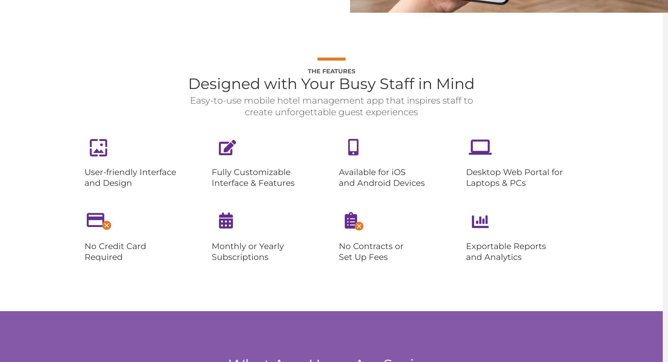 The height and width of the screenshot is (362, 668). What do you see at coordinates (211, 257) in the screenshot?
I see `'Subscriptions'` at bounding box center [211, 257].